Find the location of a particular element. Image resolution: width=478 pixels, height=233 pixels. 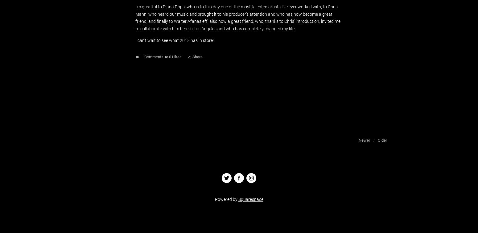

'Comments' is located at coordinates (153, 57).